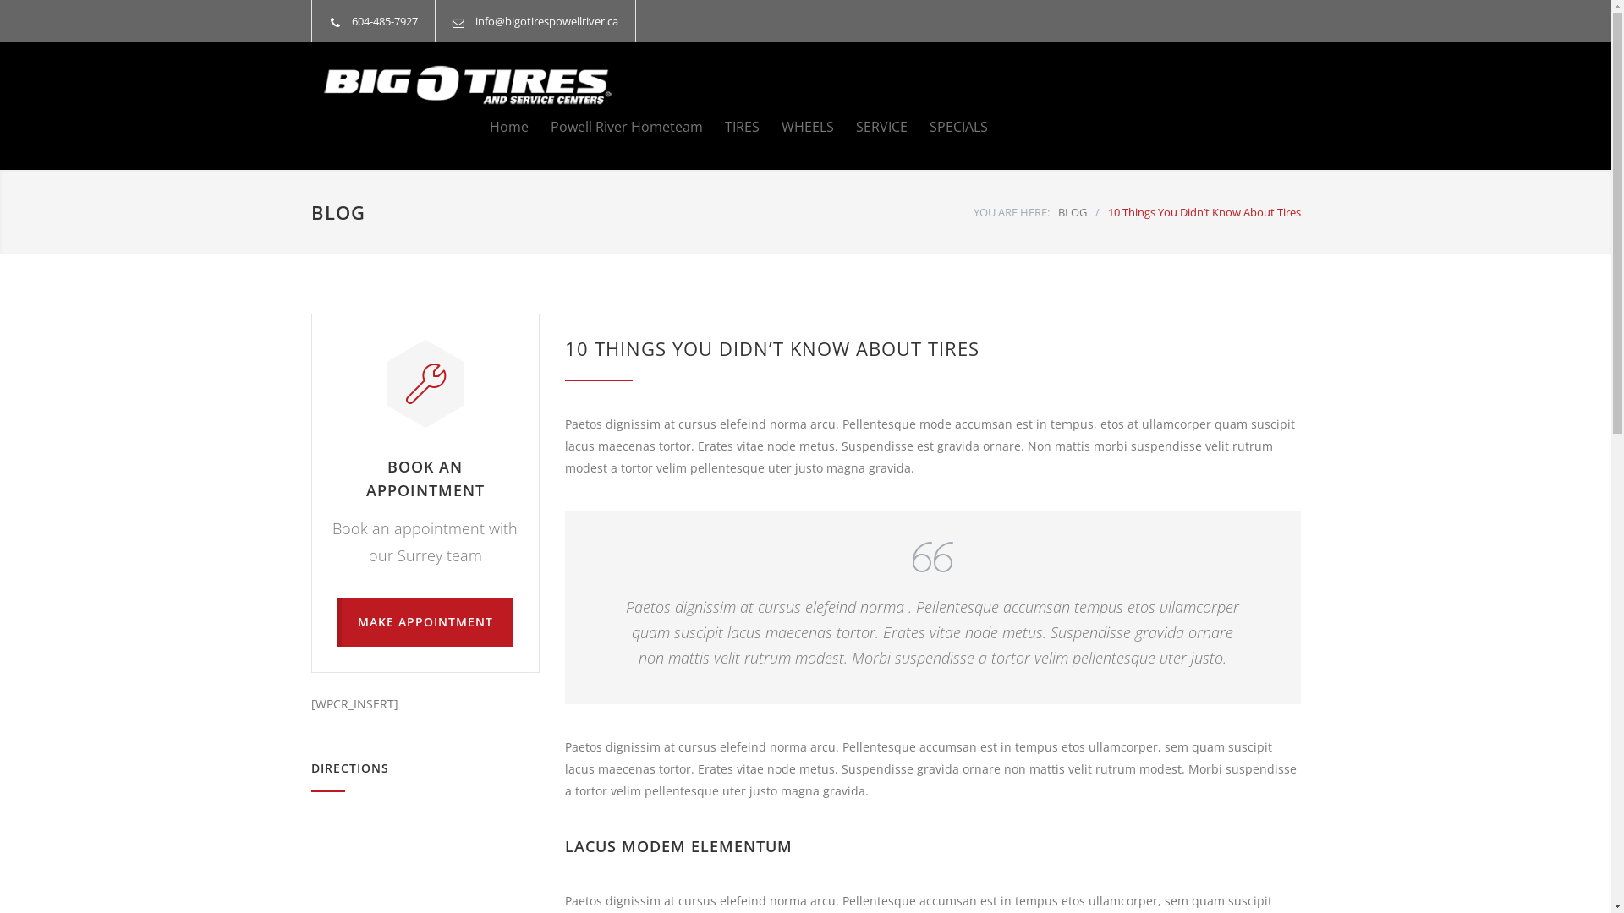 The width and height of the screenshot is (1624, 913). What do you see at coordinates (337, 210) in the screenshot?
I see `'BLOG'` at bounding box center [337, 210].